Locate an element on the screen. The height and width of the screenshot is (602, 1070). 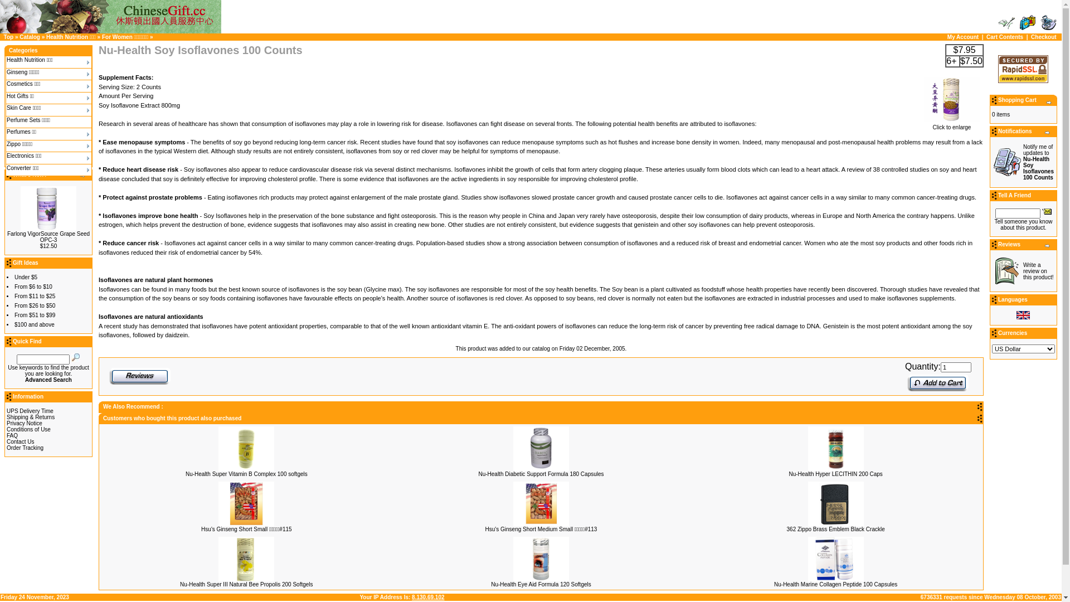
'Checkout' is located at coordinates (1043, 36).